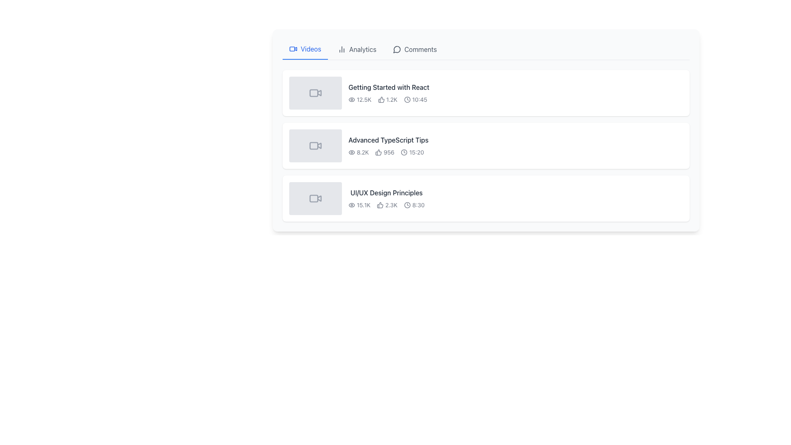 This screenshot has height=445, width=791. I want to click on the numeric counter displaying '956' which indicates likes or approvals, located between the view count and duration under 'Advanced TypeScript Tips', so click(384, 152).